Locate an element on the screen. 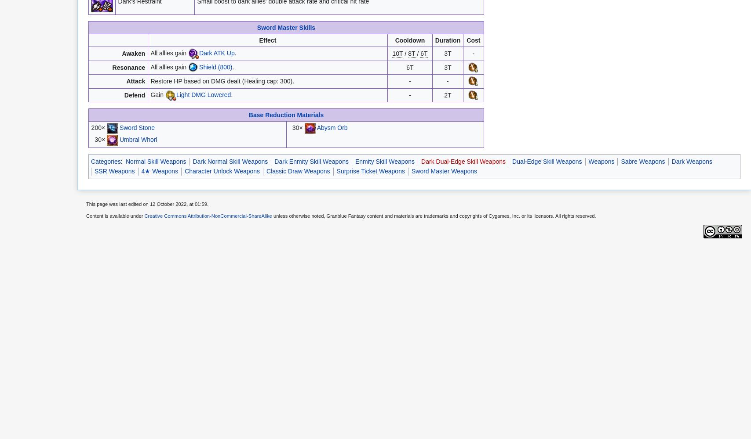 This screenshot has width=751, height=439. ':' is located at coordinates (122, 161).